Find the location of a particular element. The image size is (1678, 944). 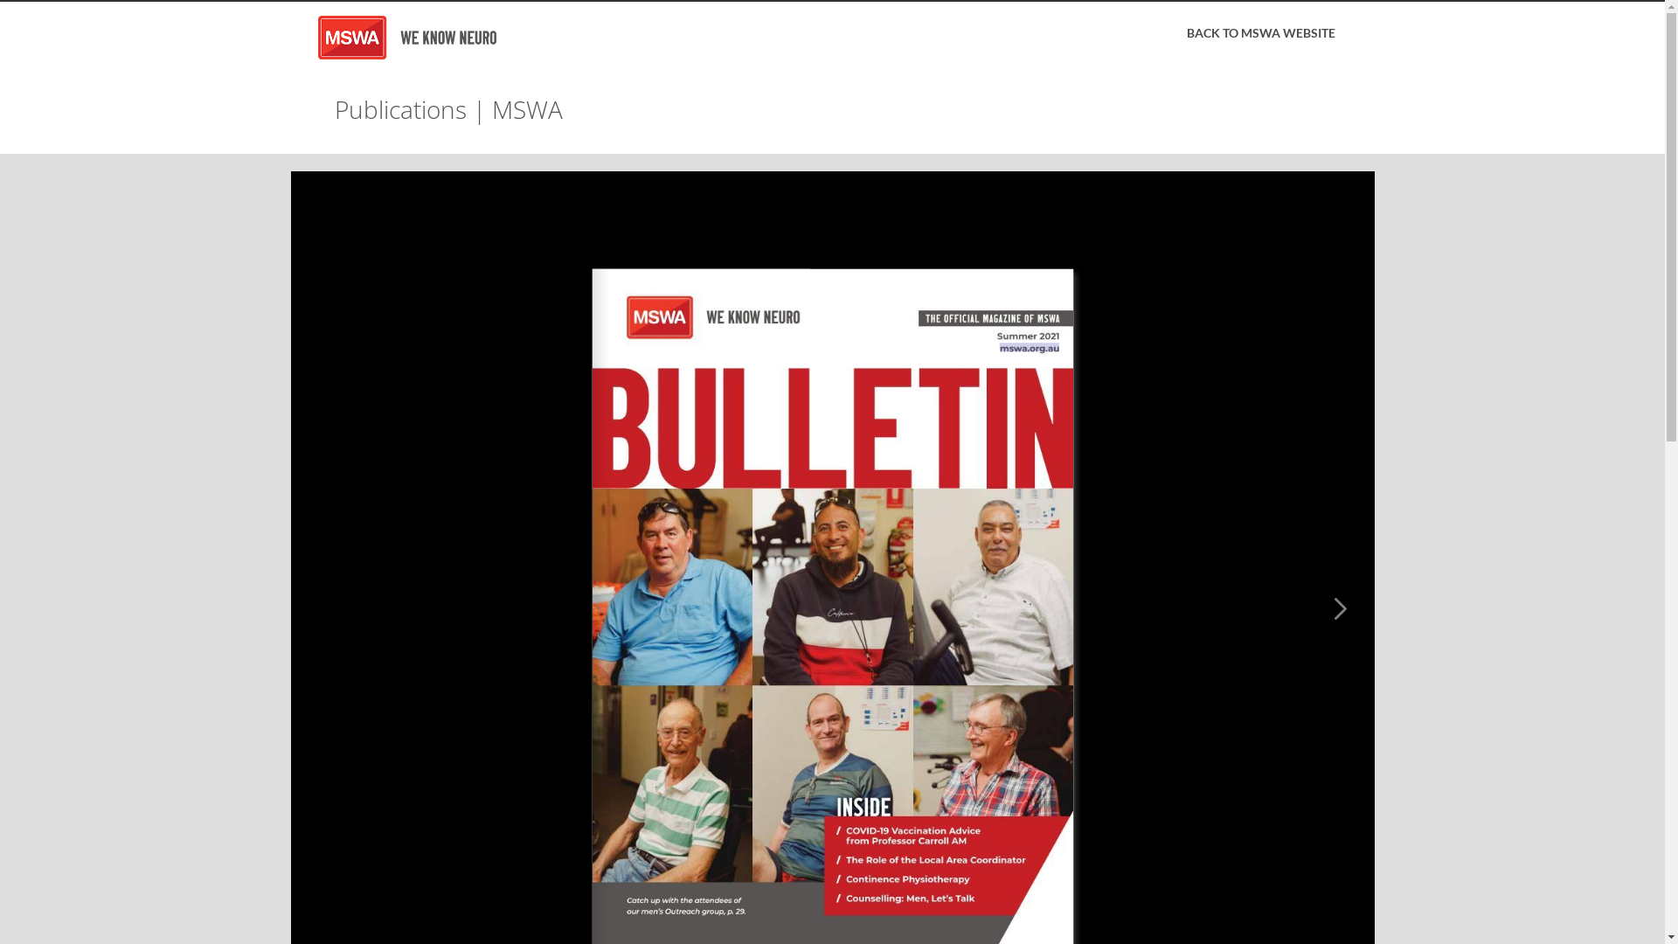

'BACK TO MSWA WEBSITE' is located at coordinates (1259, 33).